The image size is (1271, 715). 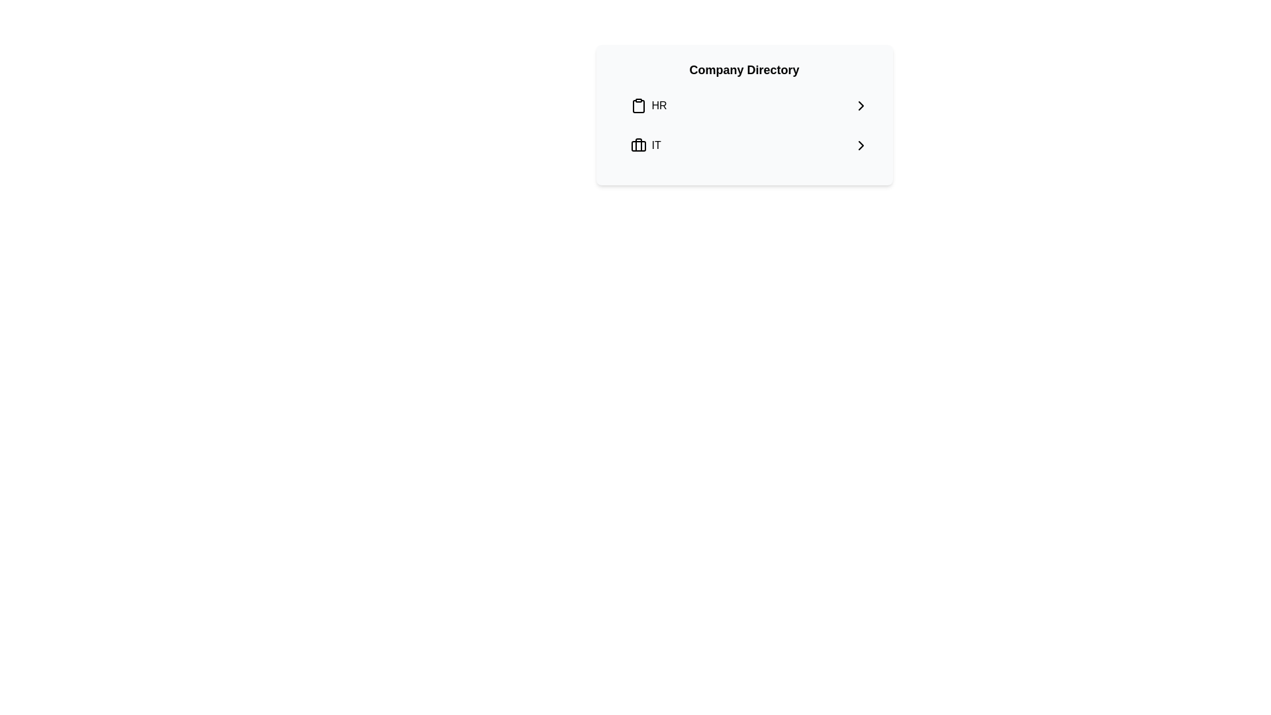 I want to click on the decorative rectangle component inside the briefcase icon representing the IT department, located to the left of the 'IT' label in the Company Directory, so click(x=638, y=146).